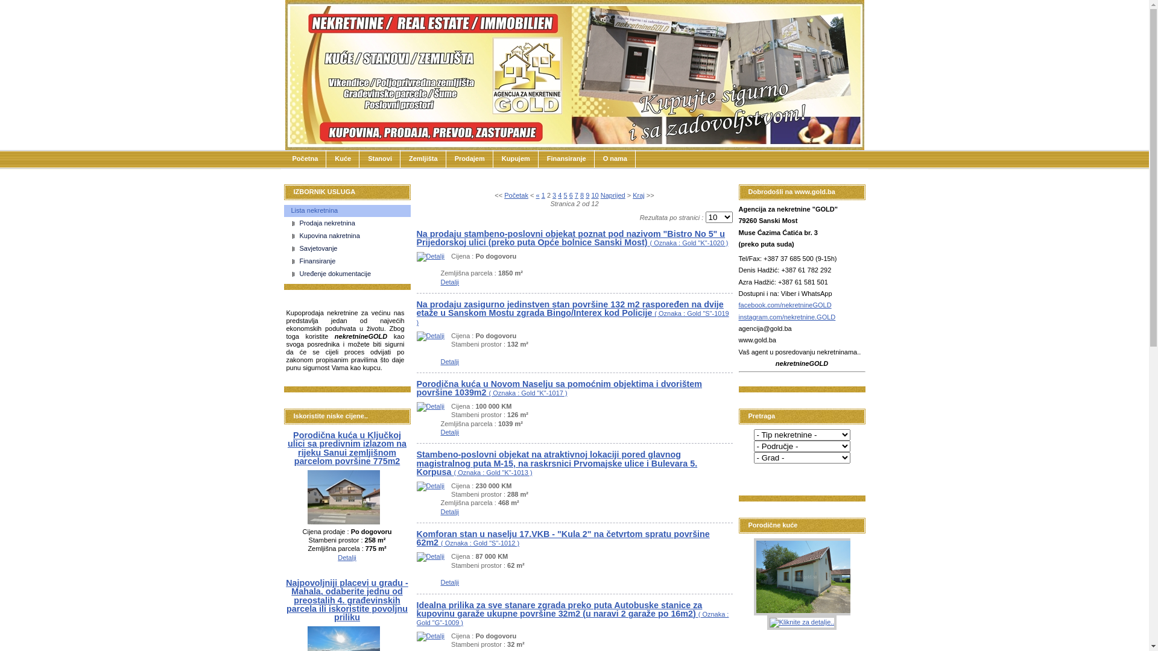  I want to click on 'Detalji', so click(430, 556).